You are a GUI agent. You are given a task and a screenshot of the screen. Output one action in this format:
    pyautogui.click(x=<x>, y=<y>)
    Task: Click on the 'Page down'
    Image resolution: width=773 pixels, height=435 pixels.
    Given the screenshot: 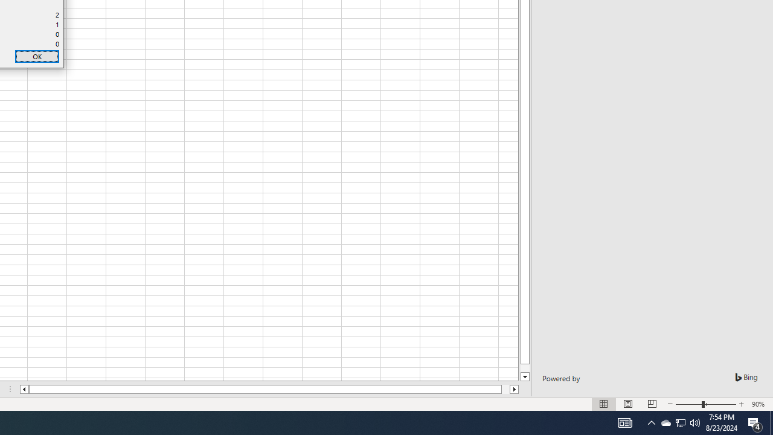 What is the action you would take?
    pyautogui.click(x=525, y=367)
    